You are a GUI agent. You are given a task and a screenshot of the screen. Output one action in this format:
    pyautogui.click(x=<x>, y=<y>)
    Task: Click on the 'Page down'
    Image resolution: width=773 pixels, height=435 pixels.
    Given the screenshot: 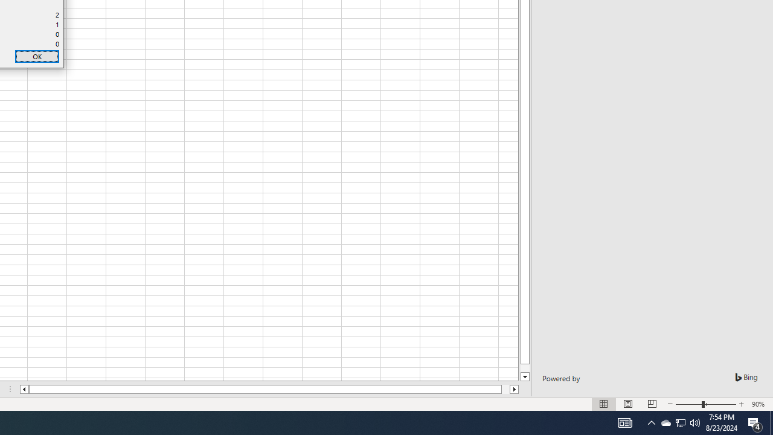 What is the action you would take?
    pyautogui.click(x=525, y=367)
    